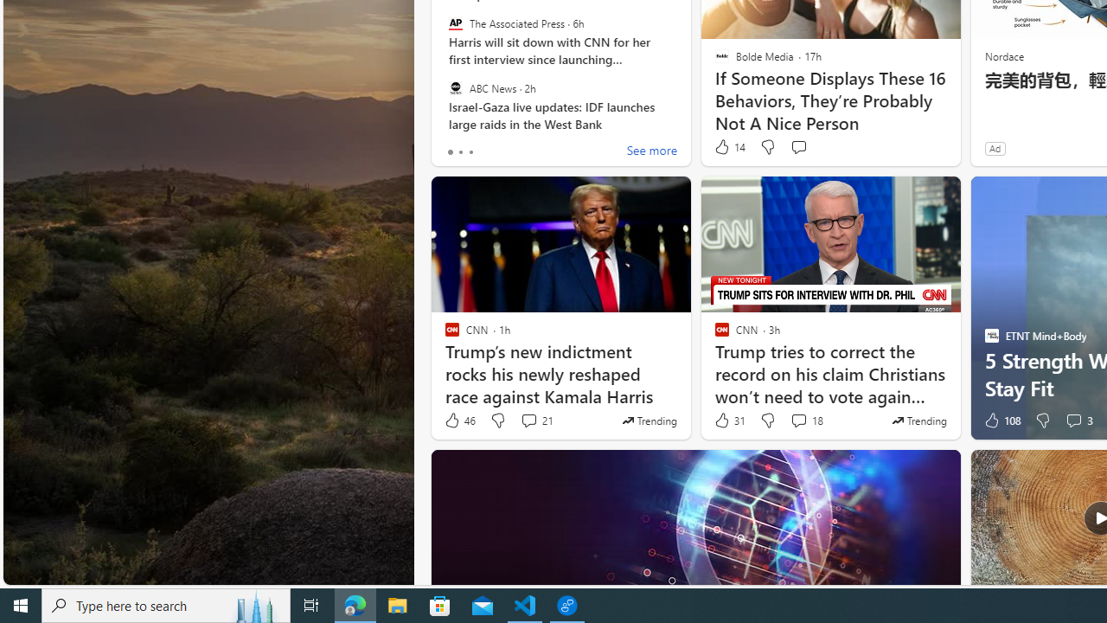 This screenshot has height=623, width=1107. Describe the element at coordinates (729, 146) in the screenshot. I see `'14 Like'` at that location.